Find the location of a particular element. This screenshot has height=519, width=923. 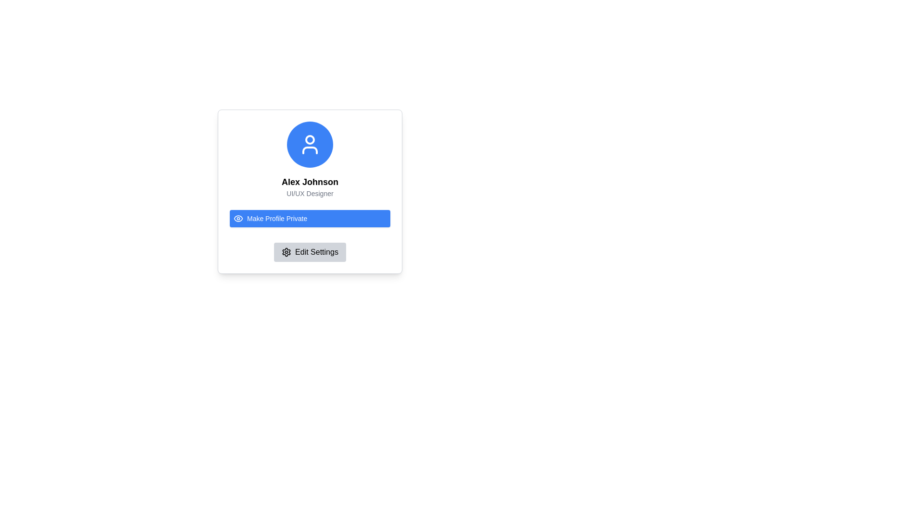

the gear icon within the 'Edit Settings' button at the bottom of the user profile options is located at coordinates (286, 251).